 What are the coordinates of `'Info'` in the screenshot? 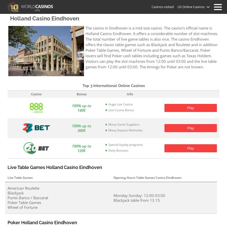 It's located at (126, 94).